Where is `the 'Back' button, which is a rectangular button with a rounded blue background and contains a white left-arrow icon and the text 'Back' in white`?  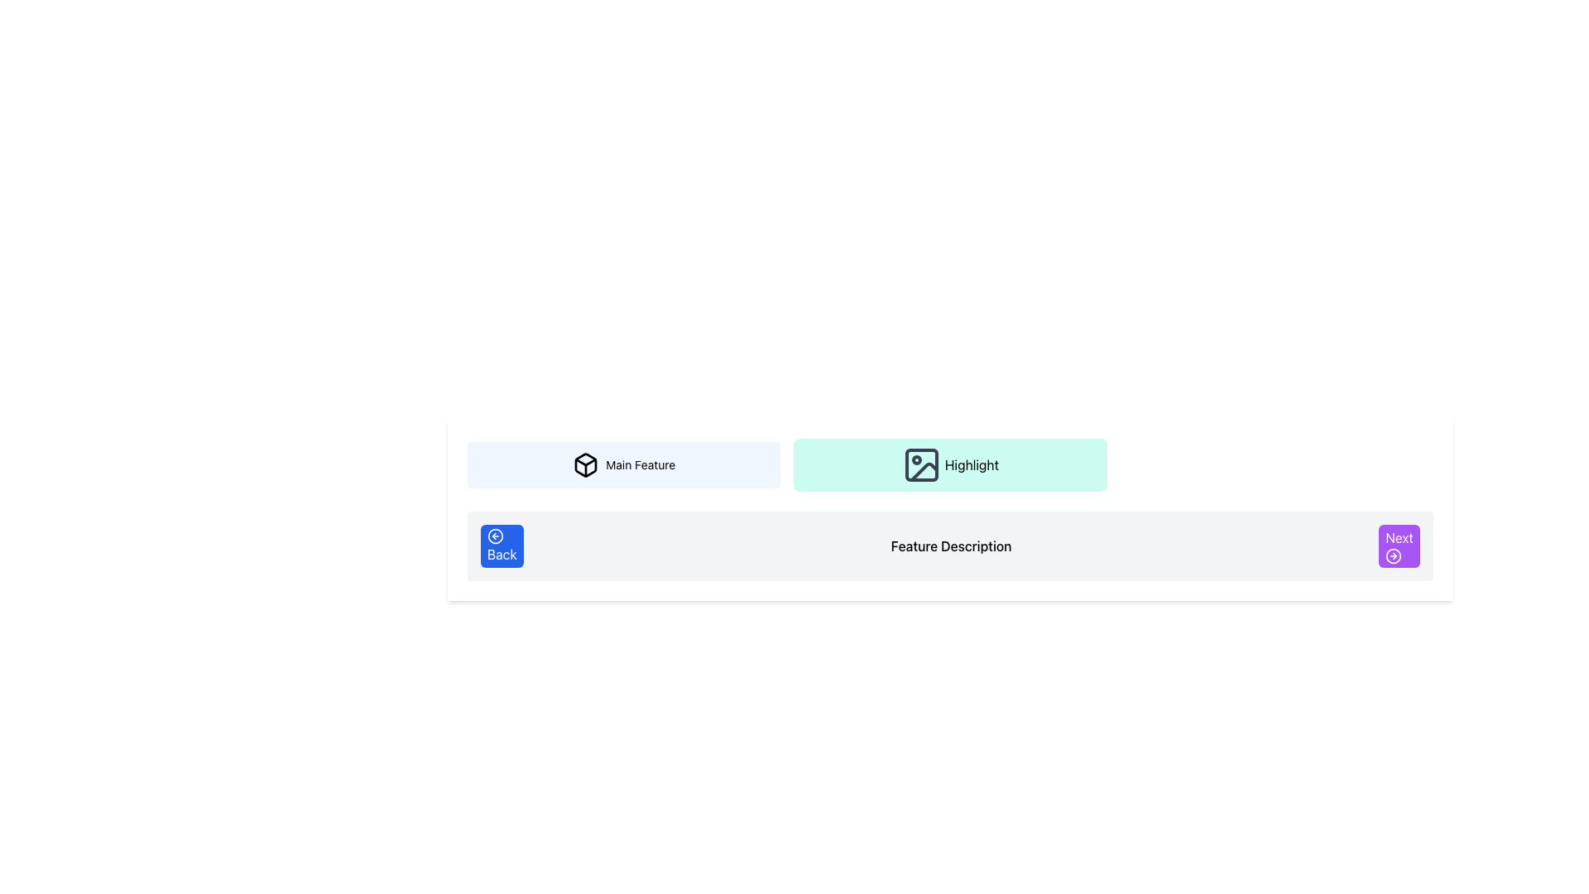
the 'Back' button, which is a rectangular button with a rounded blue background and contains a white left-arrow icon and the text 'Back' in white is located at coordinates (501, 546).